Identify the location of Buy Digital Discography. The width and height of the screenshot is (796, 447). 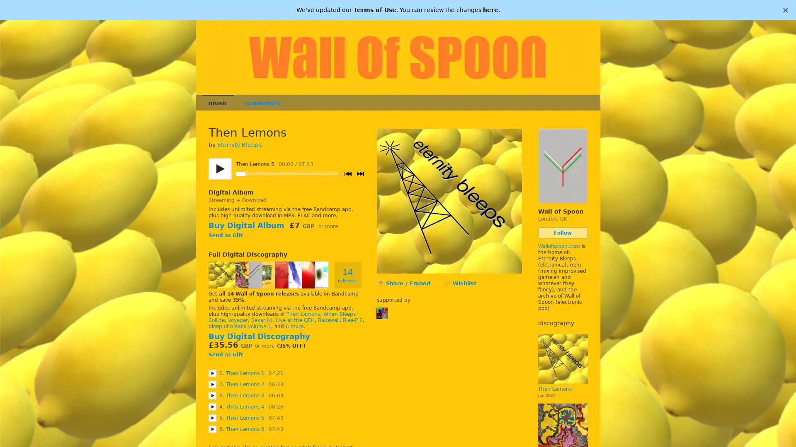
(258, 336).